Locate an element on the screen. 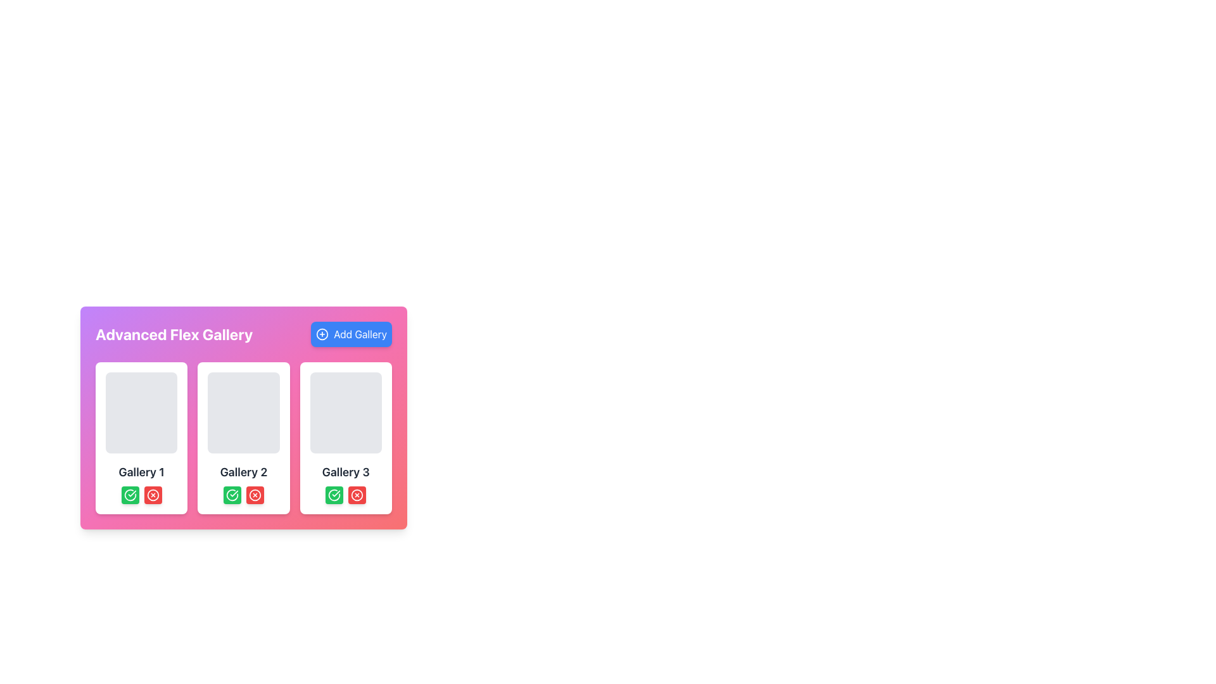 The height and width of the screenshot is (684, 1216). the Gallery card that serves as a preview for 'Gallery 2', located in the middle of a three-column layout as the second card is located at coordinates (243, 429).